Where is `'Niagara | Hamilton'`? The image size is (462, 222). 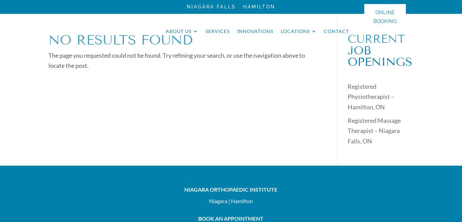 'Niagara | Hamilton' is located at coordinates (208, 200).